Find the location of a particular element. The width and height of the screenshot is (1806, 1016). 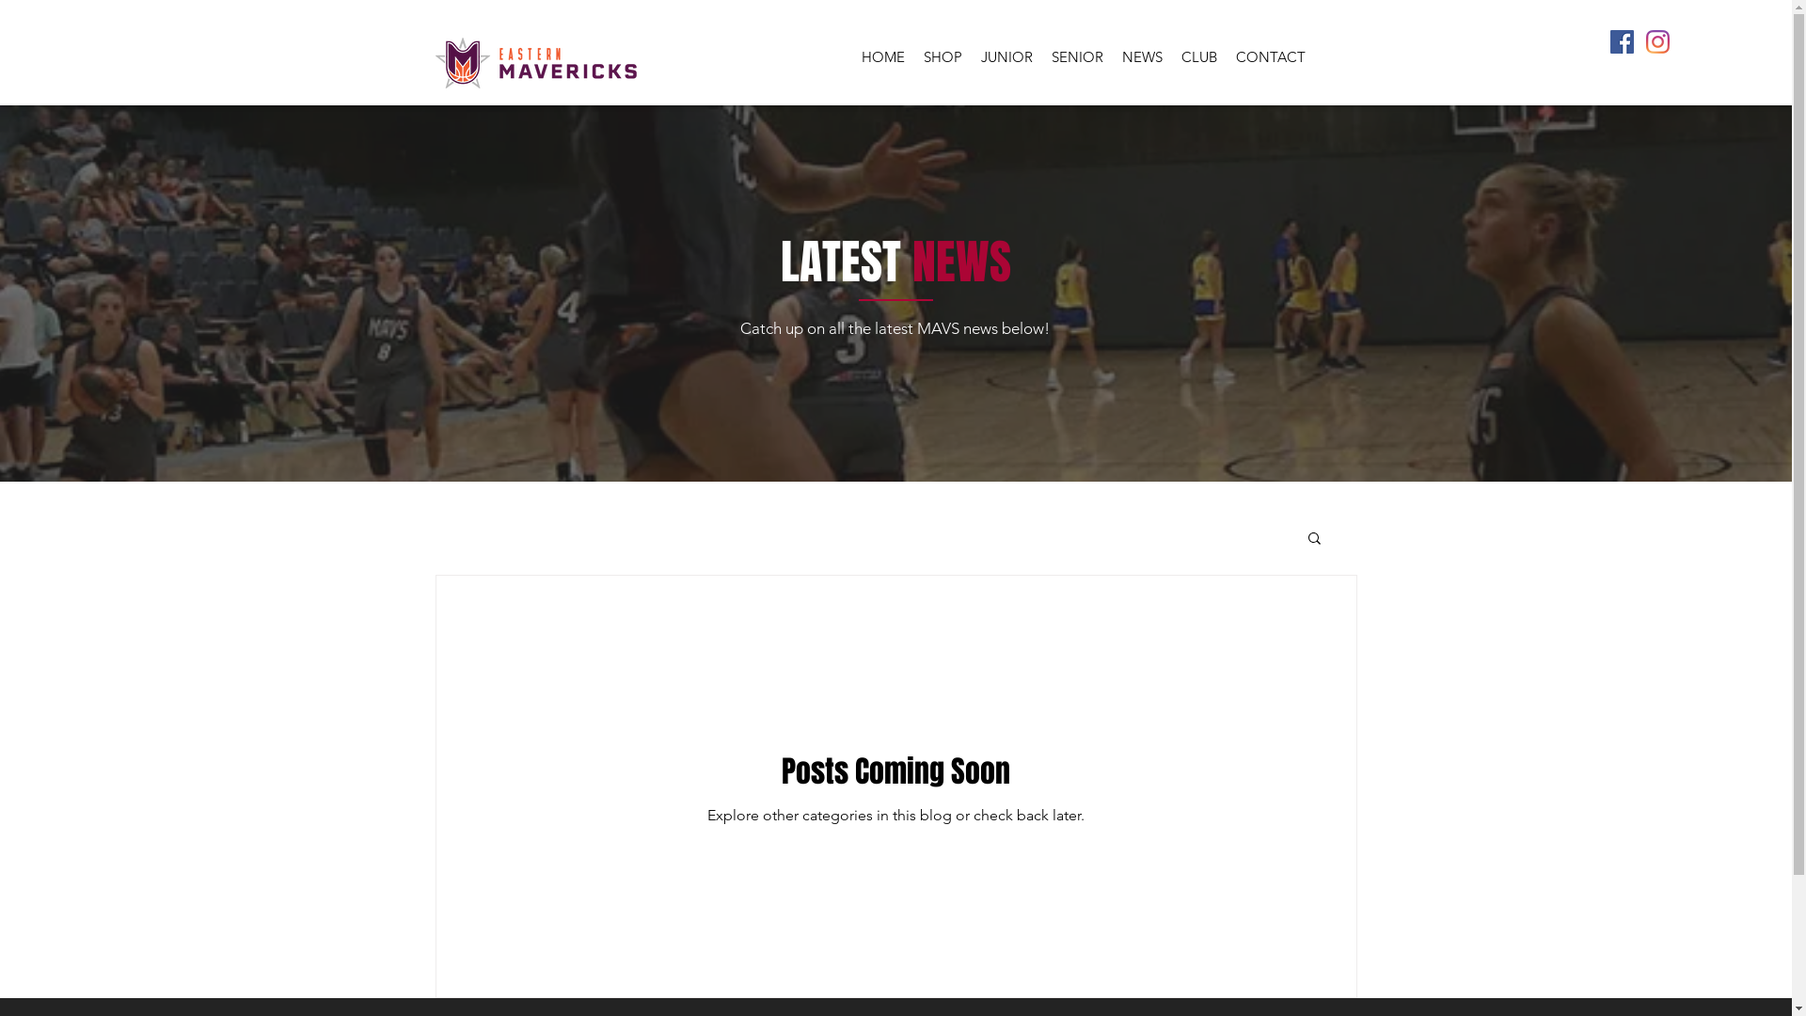

'SHOP' is located at coordinates (943, 56).